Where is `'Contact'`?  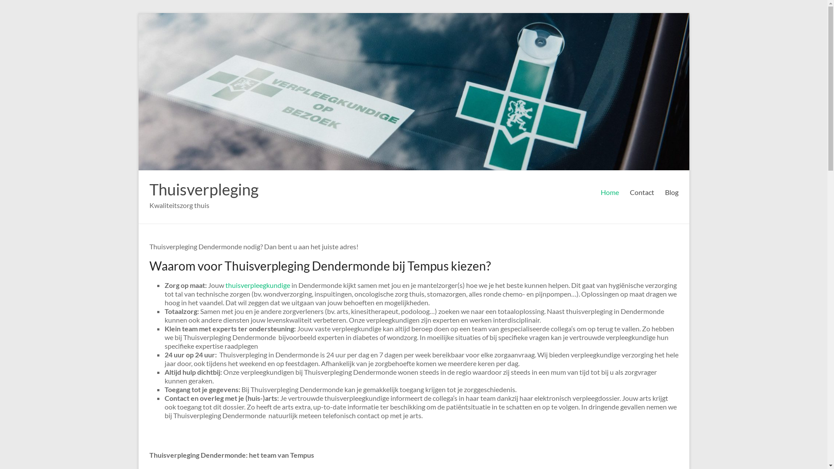 'Contact' is located at coordinates (629, 192).